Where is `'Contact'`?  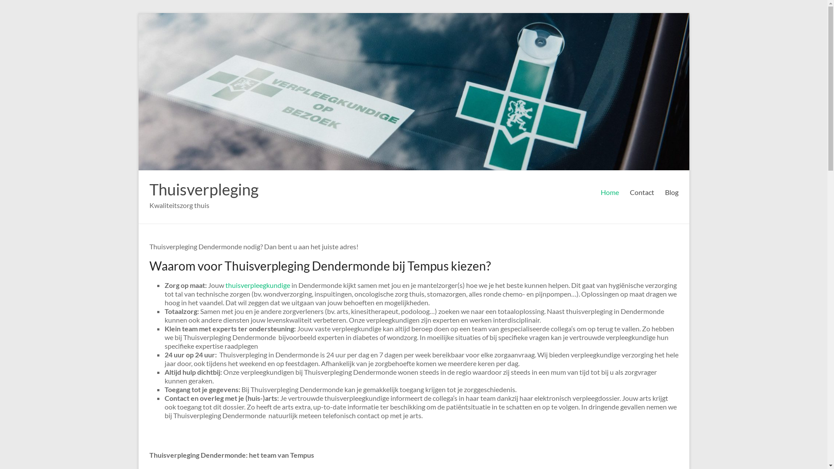 'Contact' is located at coordinates (629, 192).